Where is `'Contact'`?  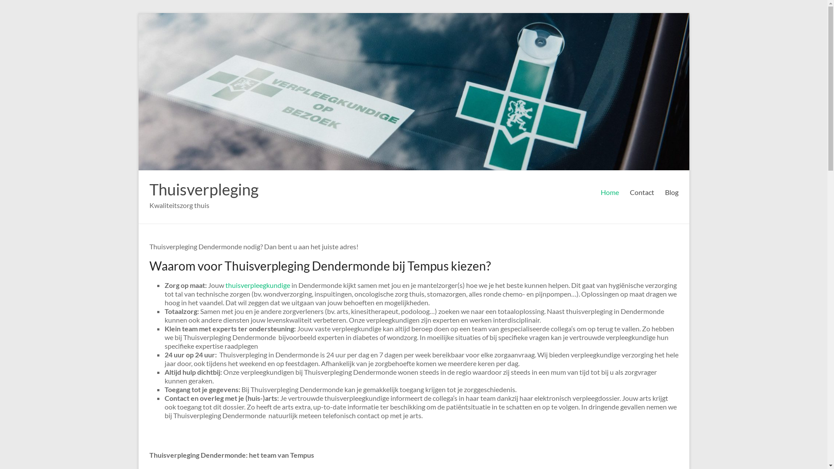 'Contact' is located at coordinates (629, 192).